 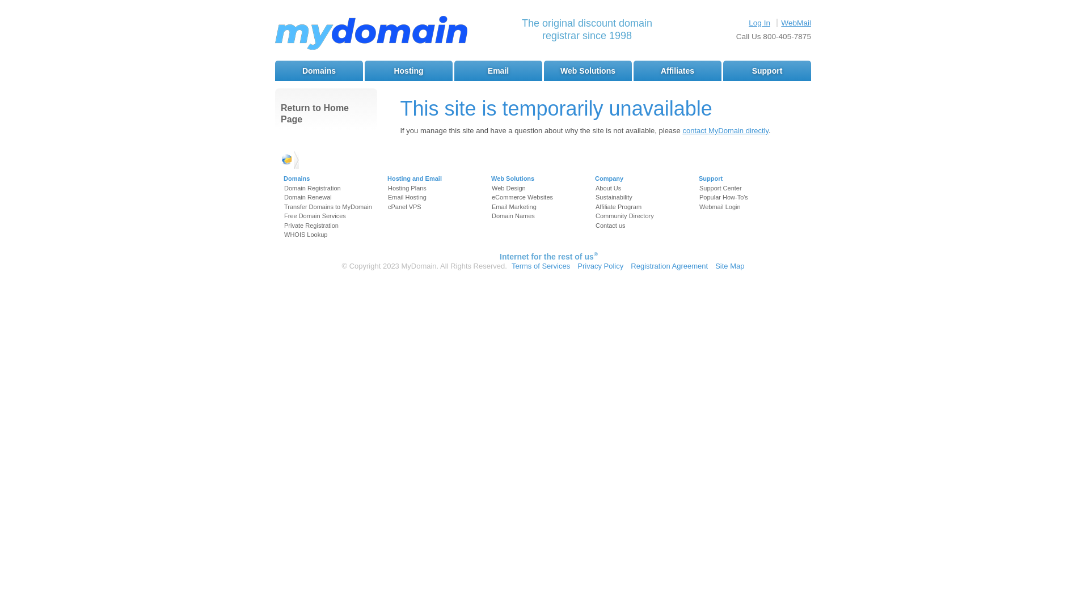 What do you see at coordinates (595, 207) in the screenshot?
I see `'Affiliate Program'` at bounding box center [595, 207].